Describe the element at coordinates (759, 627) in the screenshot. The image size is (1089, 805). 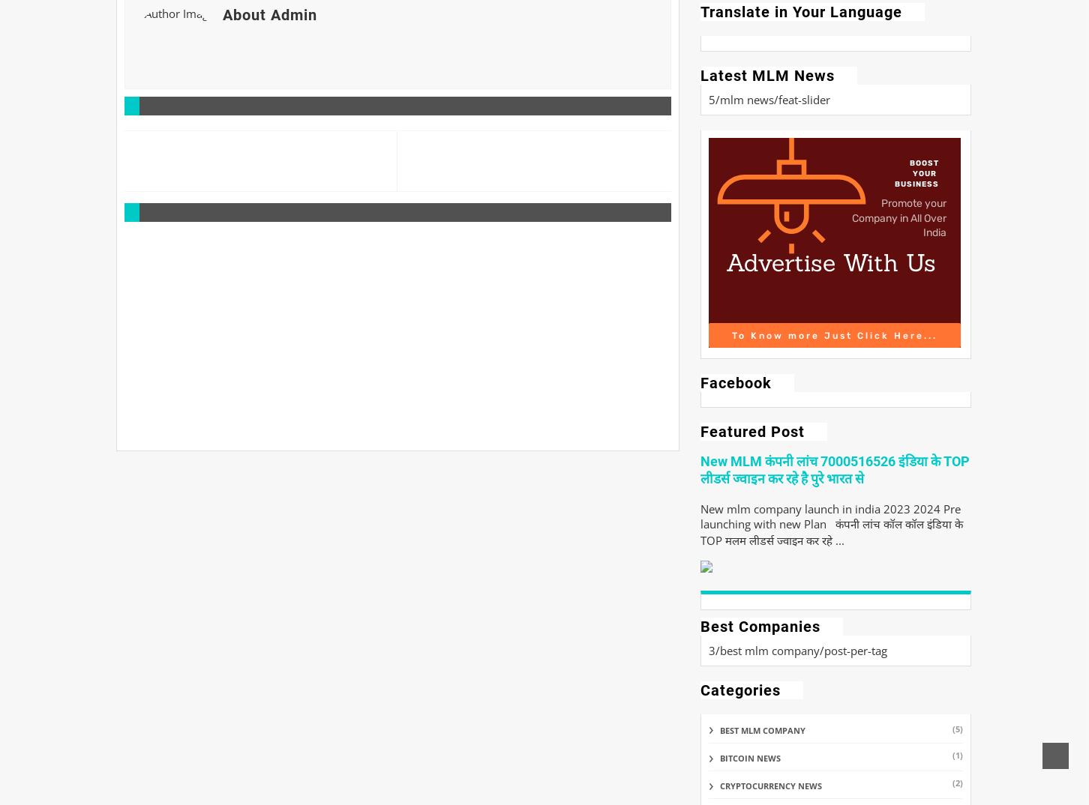
I see `'Best Companies'` at that location.